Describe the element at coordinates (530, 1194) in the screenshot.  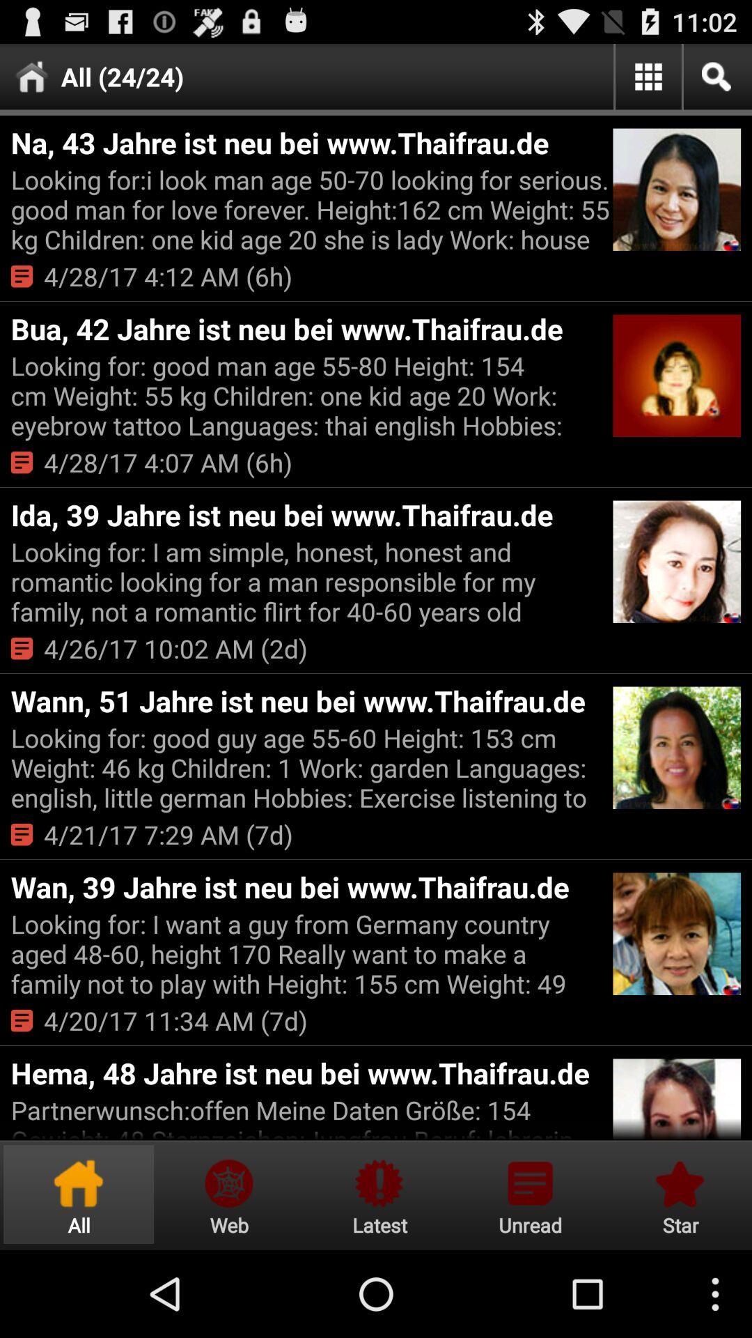
I see `the app below partnerwunsch offen meine app` at that location.